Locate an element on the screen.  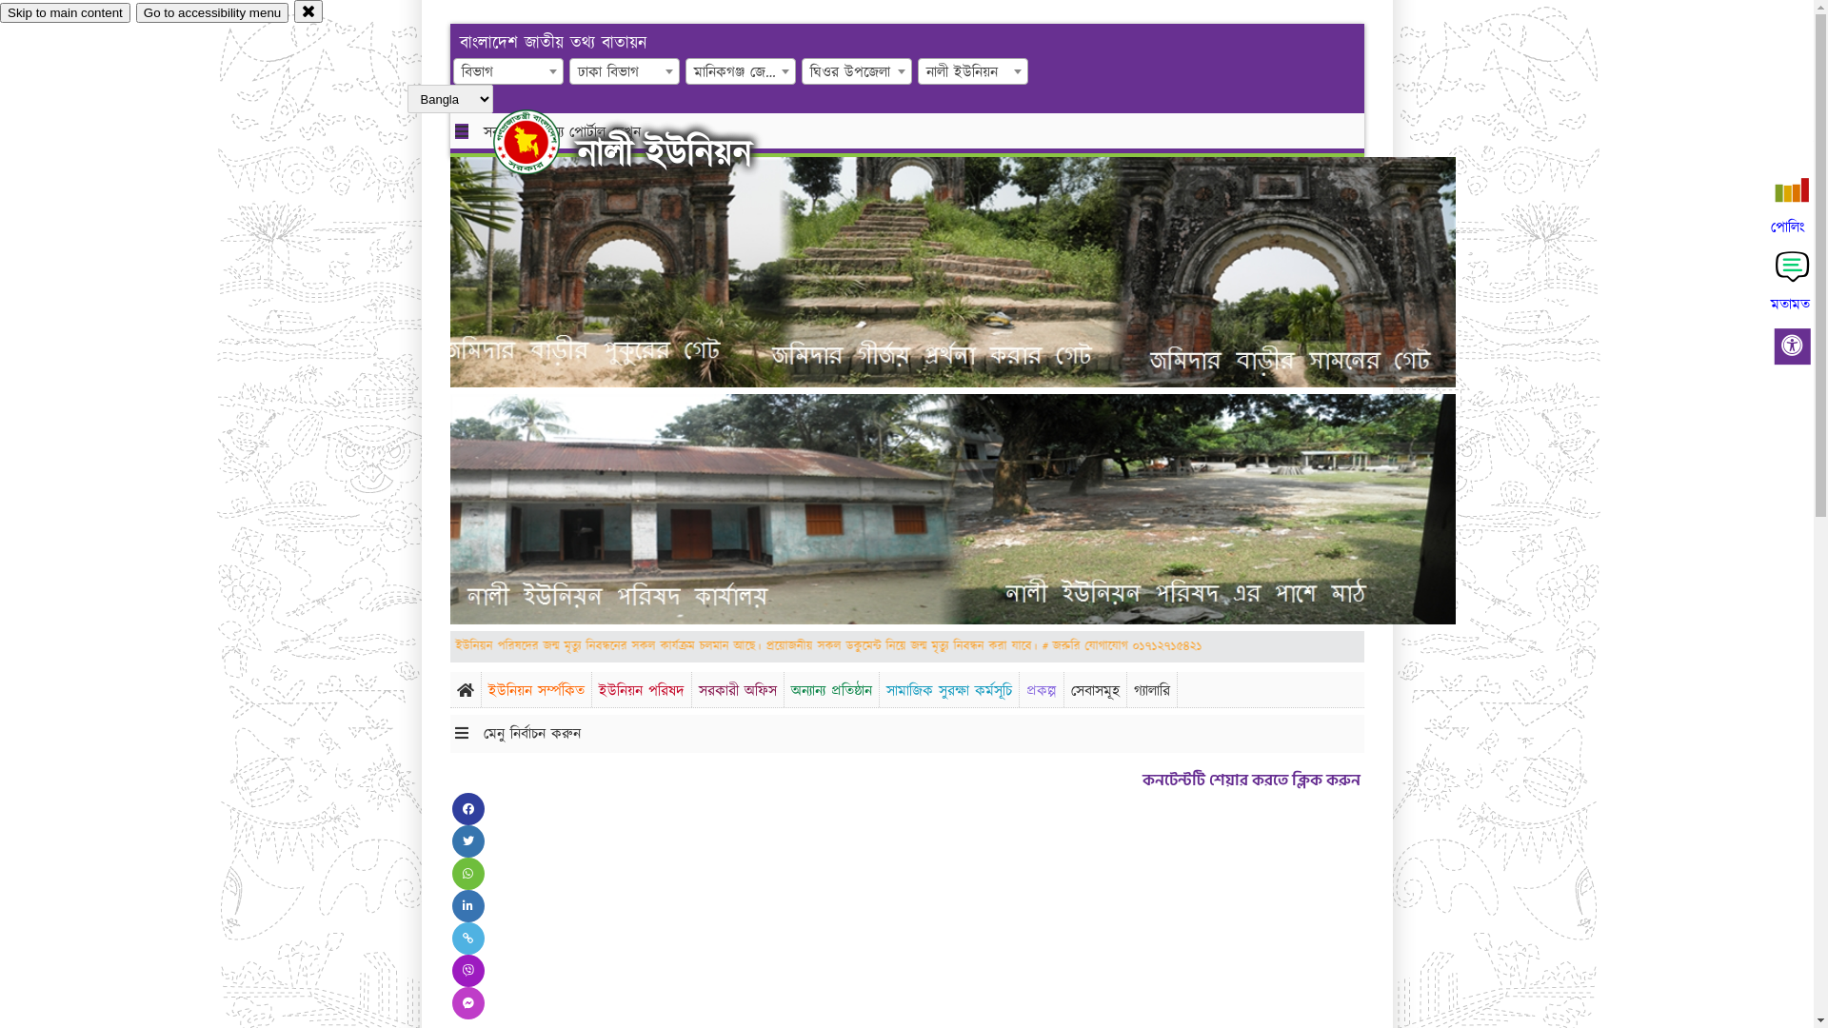
'close' is located at coordinates (308, 10).